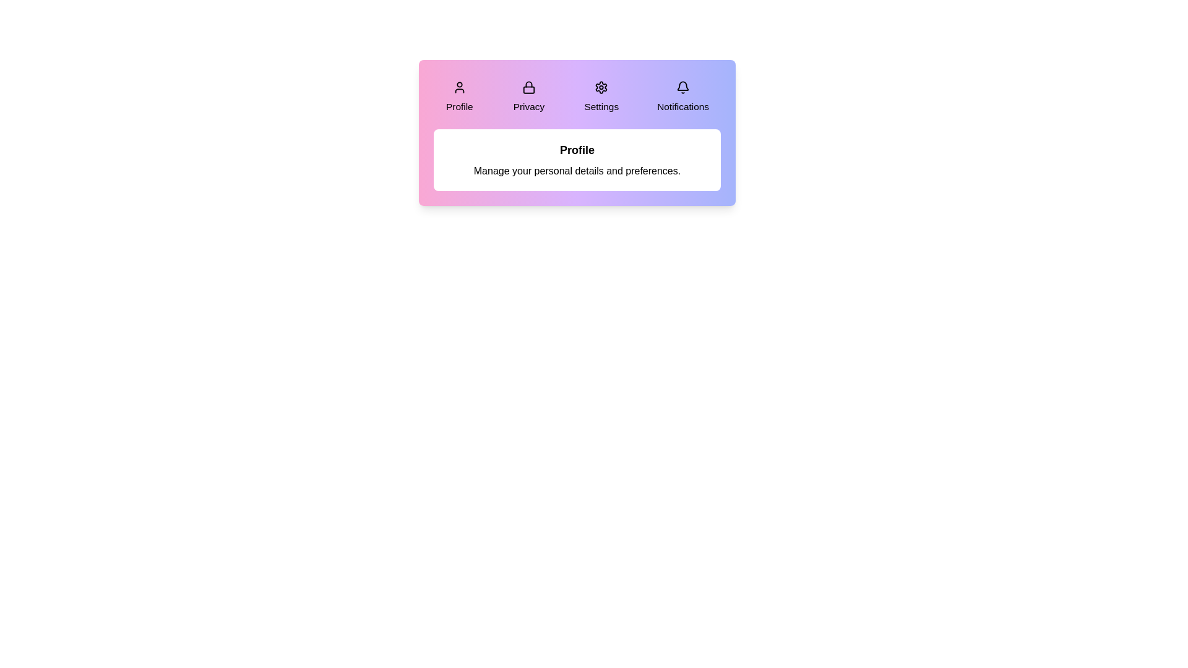 This screenshot has width=1188, height=668. Describe the element at coordinates (601, 96) in the screenshot. I see `the Settings tab by clicking on it` at that location.